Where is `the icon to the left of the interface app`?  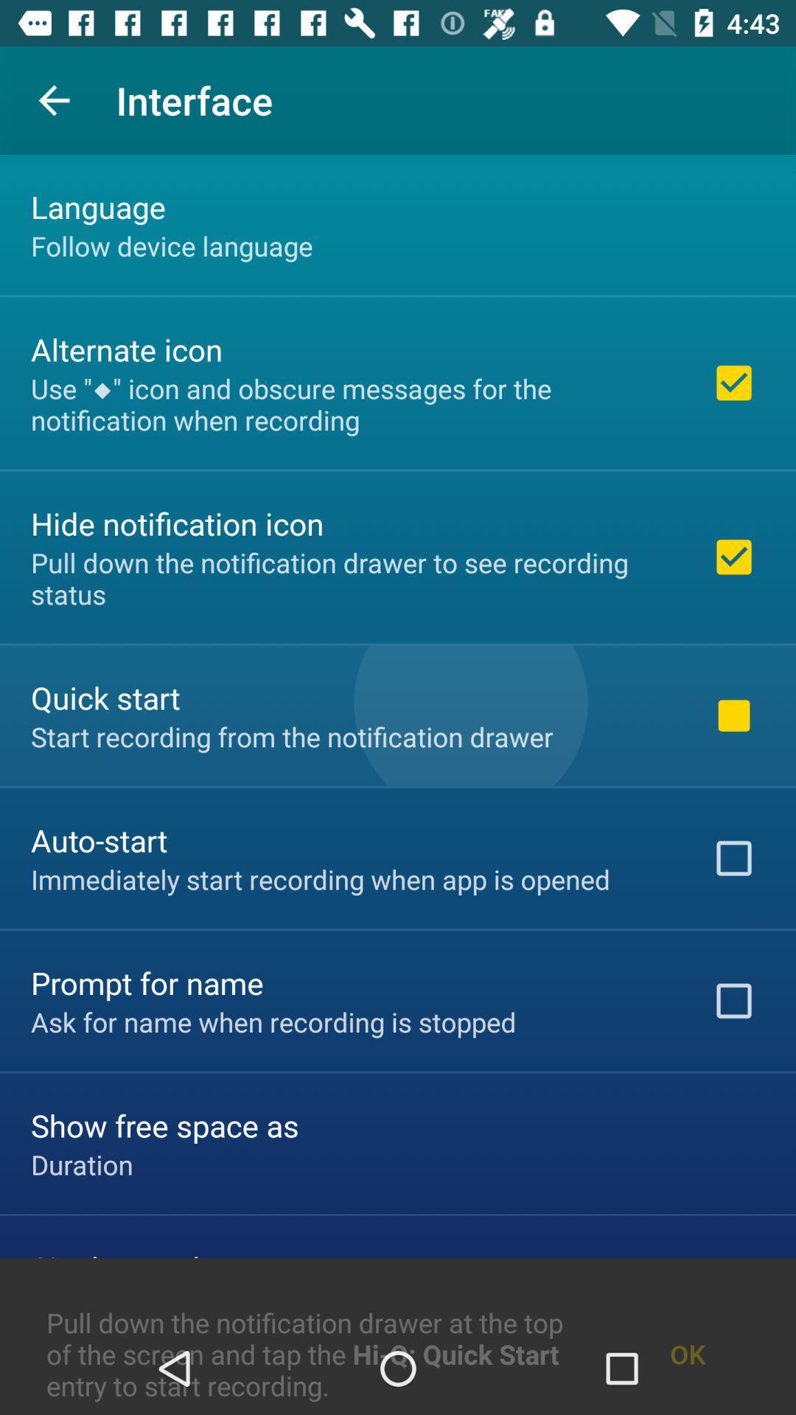
the icon to the left of the interface app is located at coordinates (53, 99).